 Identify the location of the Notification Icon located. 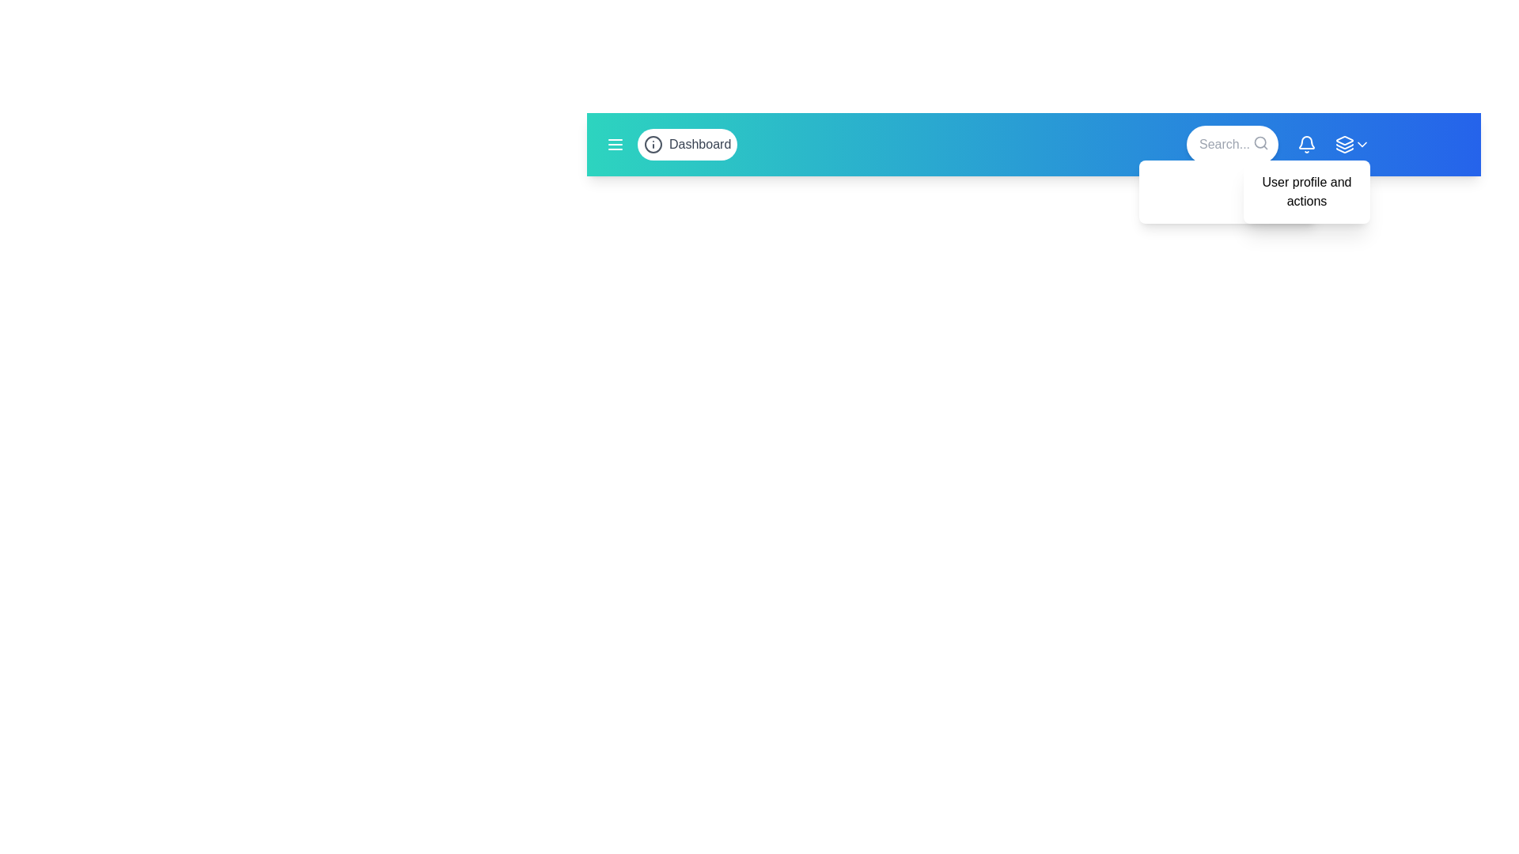
(1306, 144).